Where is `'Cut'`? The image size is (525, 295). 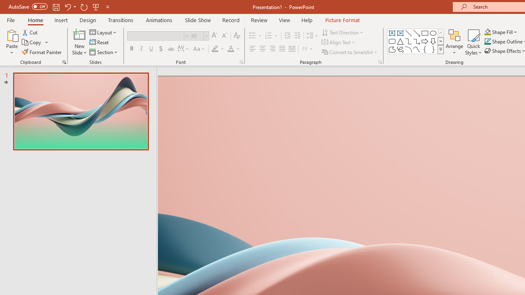
'Cut' is located at coordinates (30, 32).